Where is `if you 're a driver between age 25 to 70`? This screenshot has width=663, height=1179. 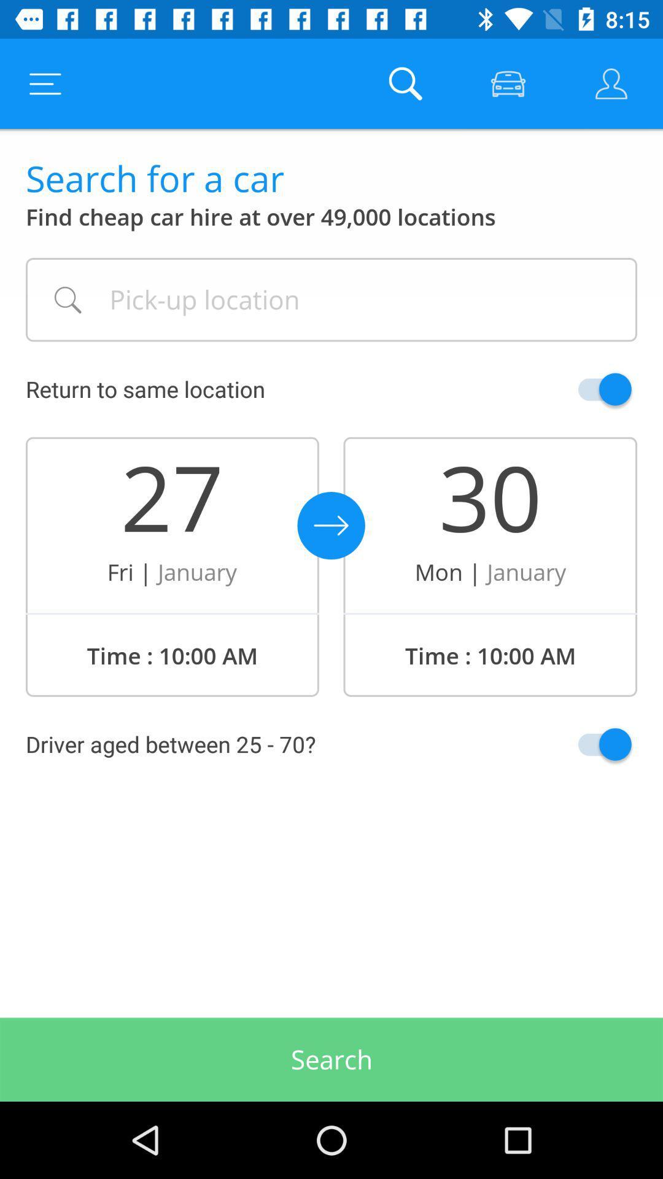 if you 're a driver between age 25 to 70 is located at coordinates (576, 744).